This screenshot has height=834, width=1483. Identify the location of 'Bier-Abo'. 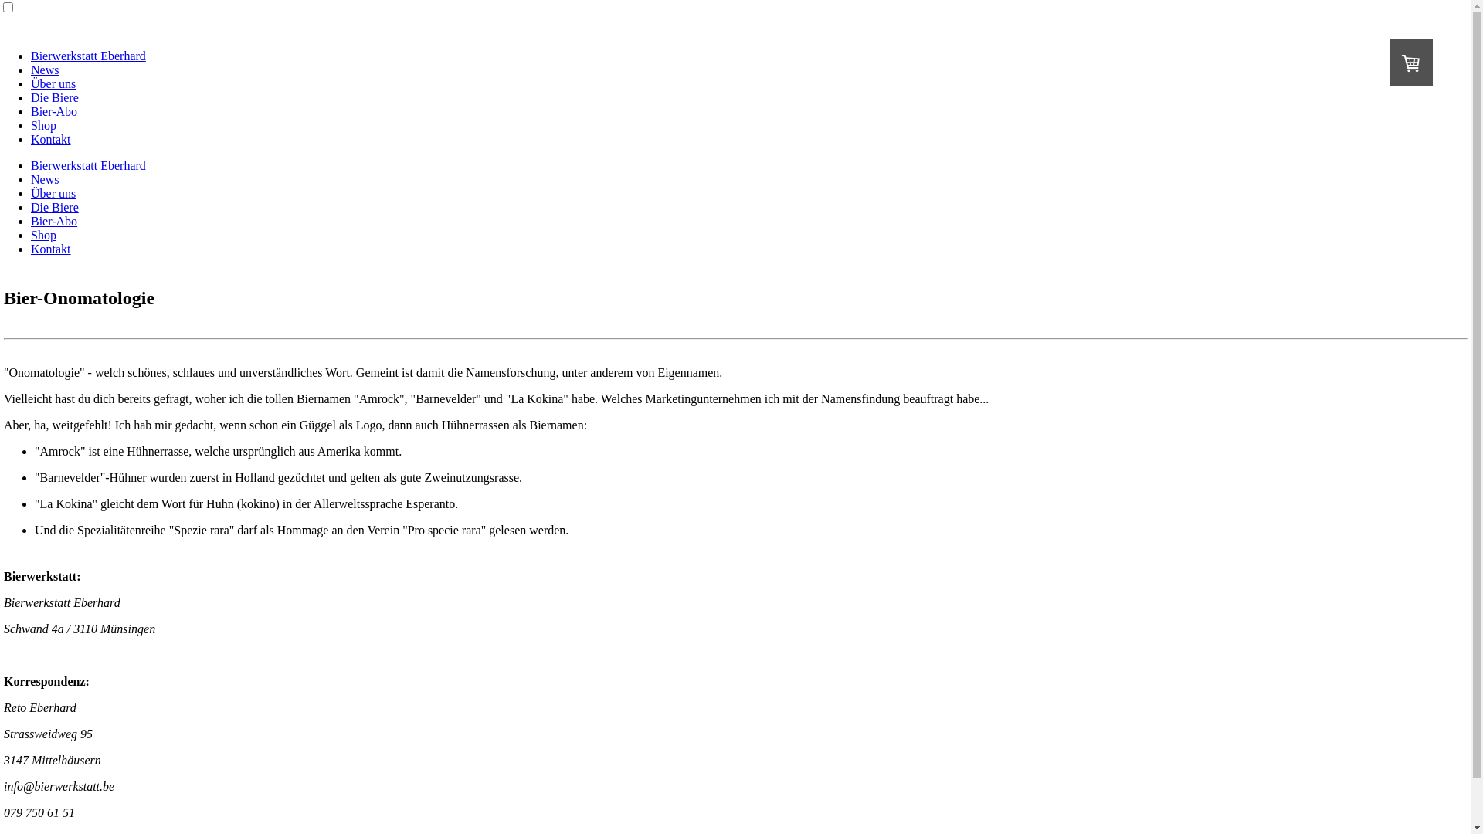
(54, 110).